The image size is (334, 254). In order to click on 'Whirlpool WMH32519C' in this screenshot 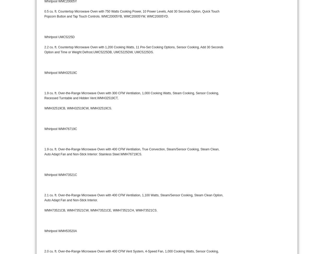, I will do `click(44, 72)`.